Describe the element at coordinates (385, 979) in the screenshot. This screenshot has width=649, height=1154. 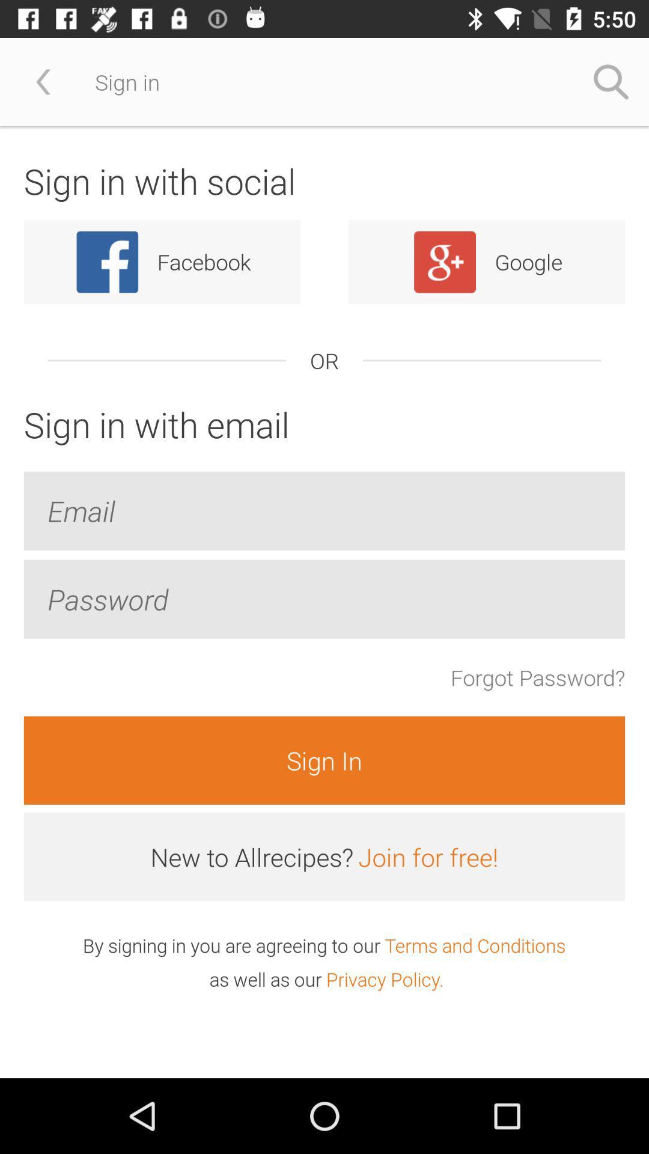
I see `icon to the right of the as well as` at that location.